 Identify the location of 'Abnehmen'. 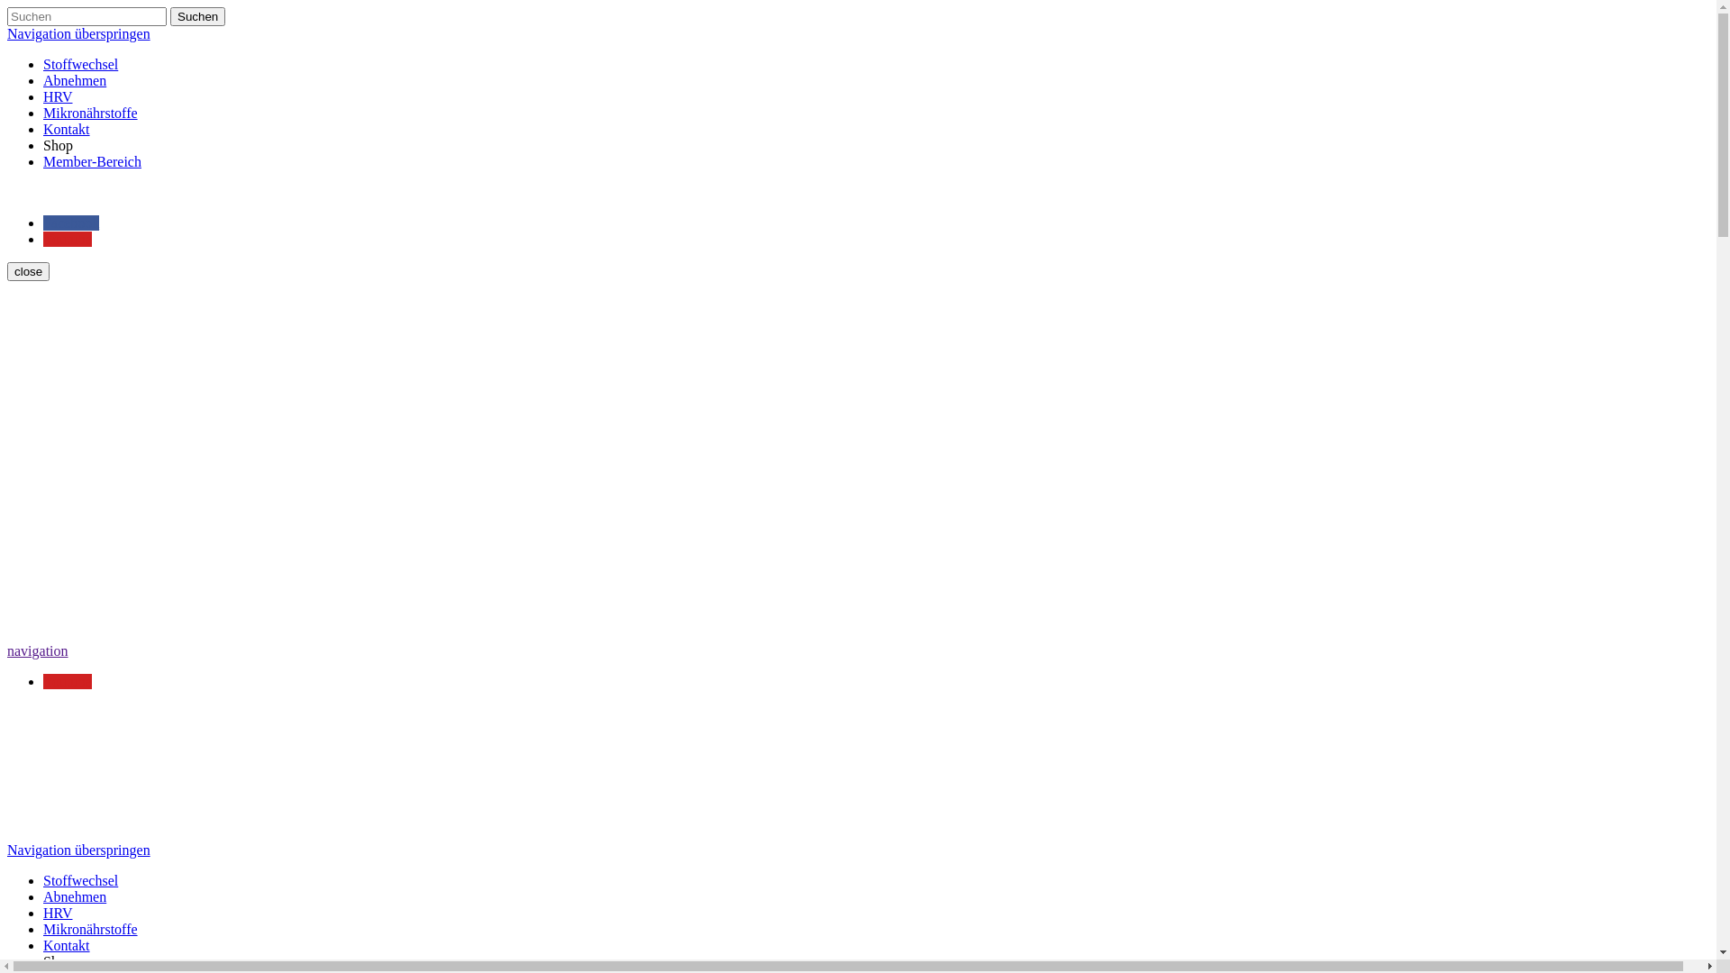
(73, 79).